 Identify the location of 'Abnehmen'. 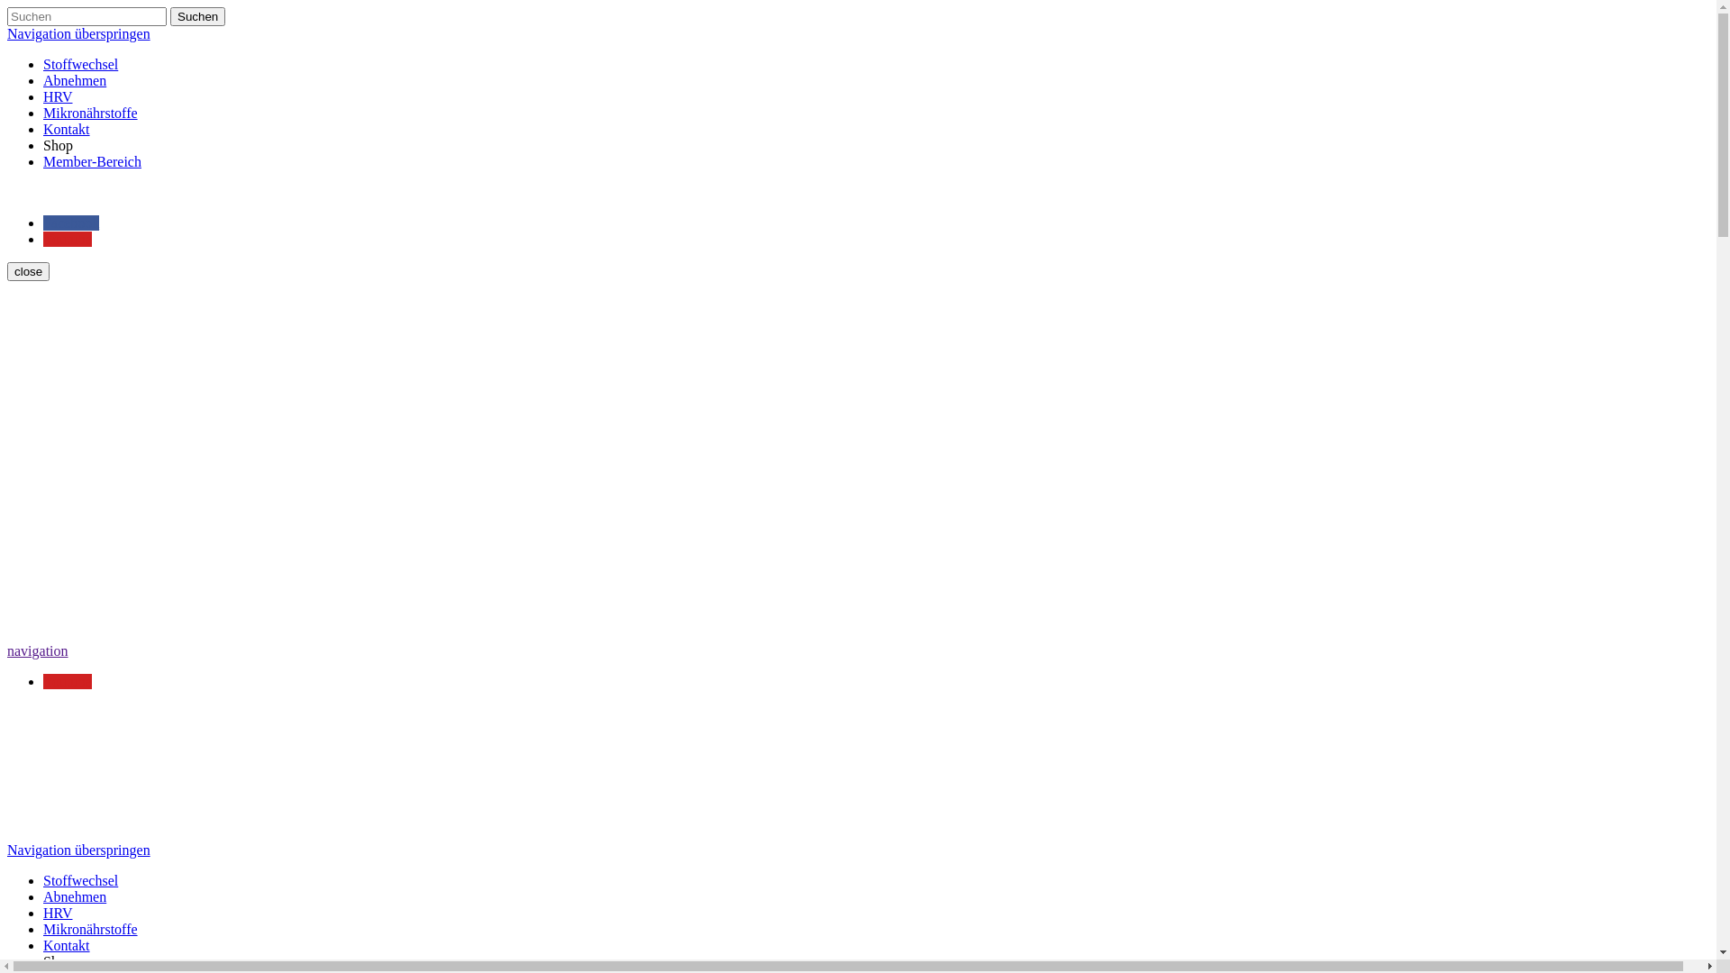
(73, 79).